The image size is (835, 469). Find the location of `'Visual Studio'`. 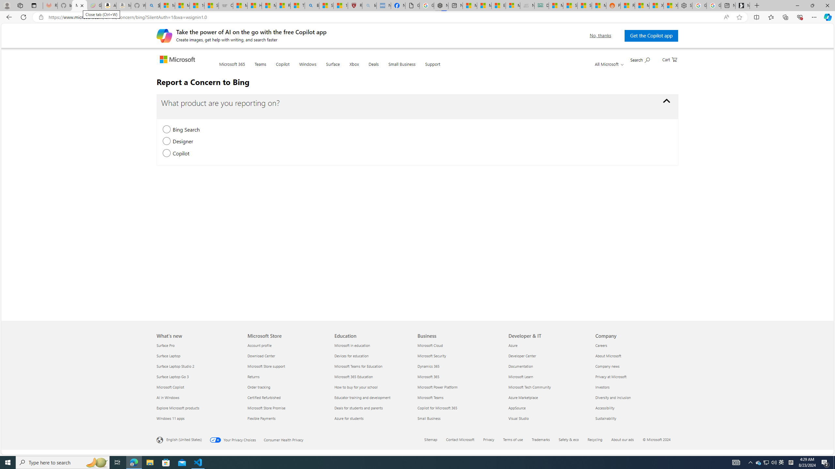

'Visual Studio' is located at coordinates (548, 418).